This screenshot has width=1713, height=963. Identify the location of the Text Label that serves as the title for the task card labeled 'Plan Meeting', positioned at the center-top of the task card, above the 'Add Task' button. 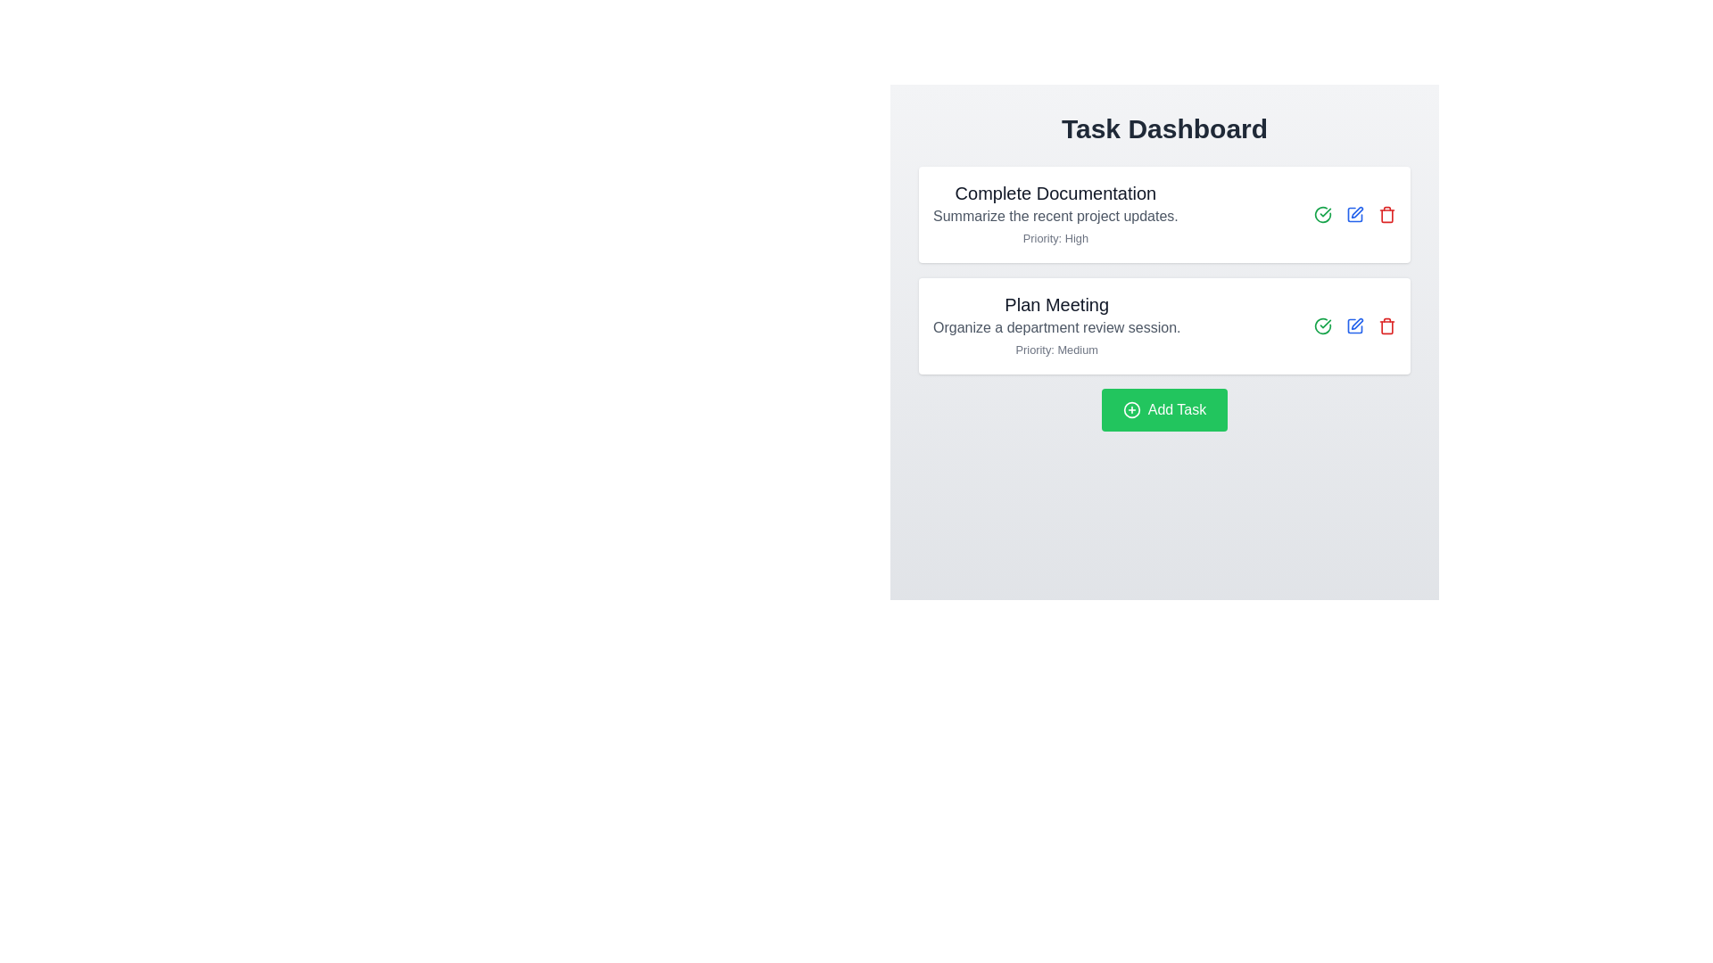
(1056, 304).